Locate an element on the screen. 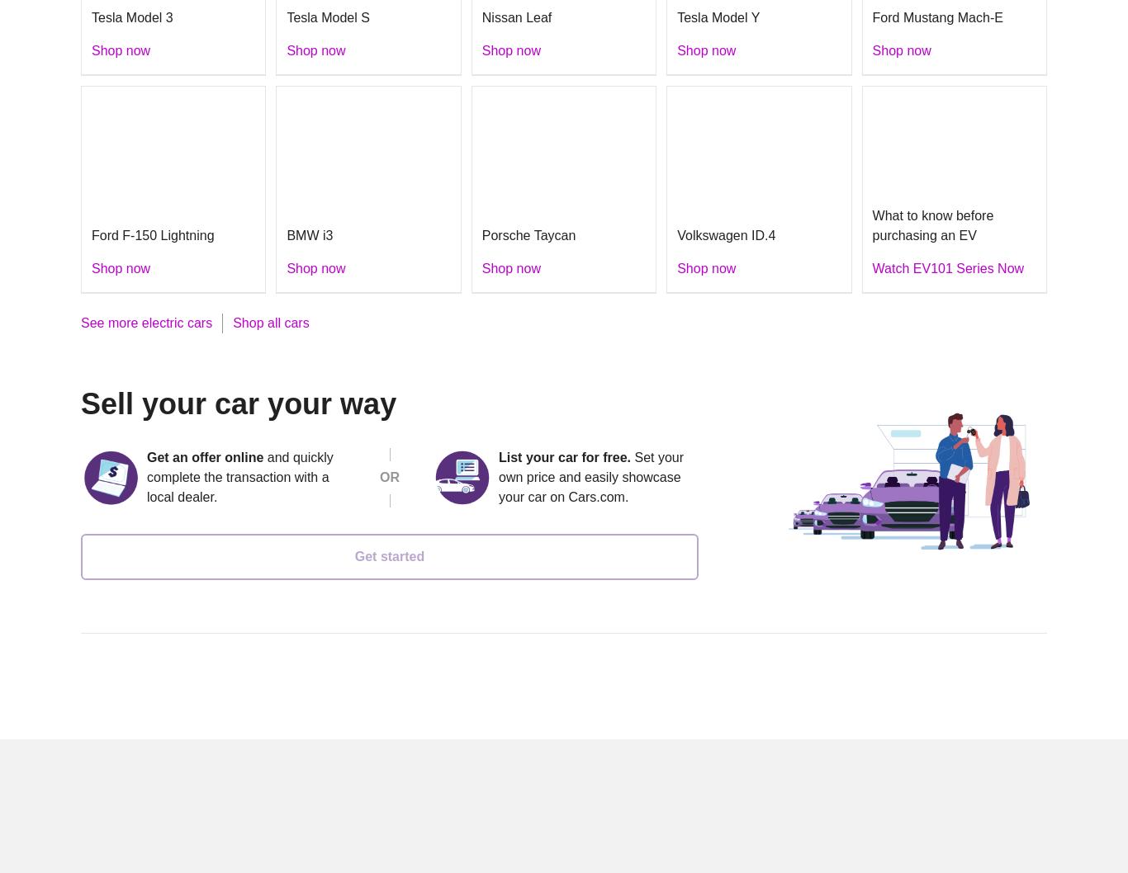 The image size is (1128, 873). 'BMW i3' is located at coordinates (308, 234).